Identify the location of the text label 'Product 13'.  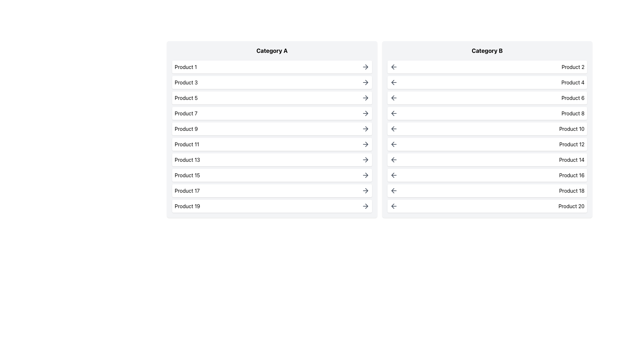
(187, 159).